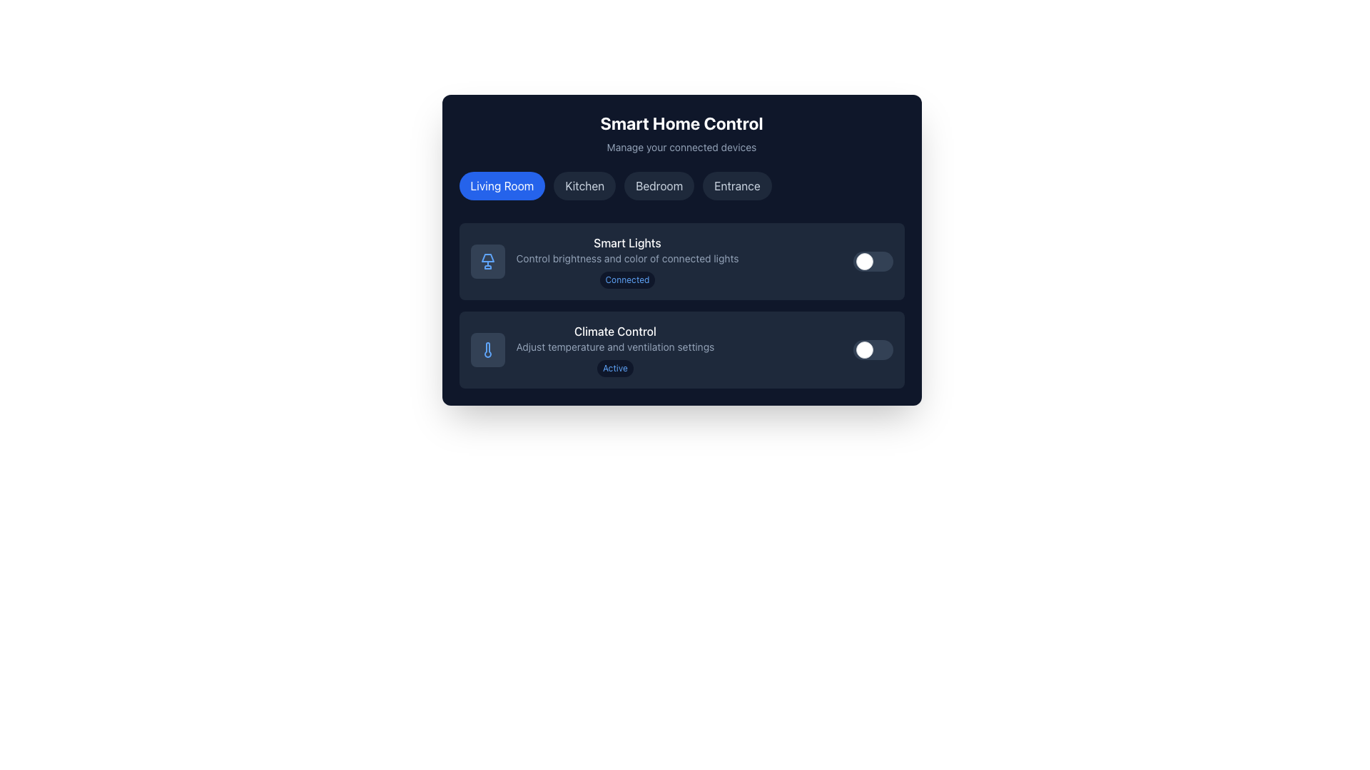  What do you see at coordinates (737, 185) in the screenshot?
I see `the 'Entrance' button in the navigation bar` at bounding box center [737, 185].